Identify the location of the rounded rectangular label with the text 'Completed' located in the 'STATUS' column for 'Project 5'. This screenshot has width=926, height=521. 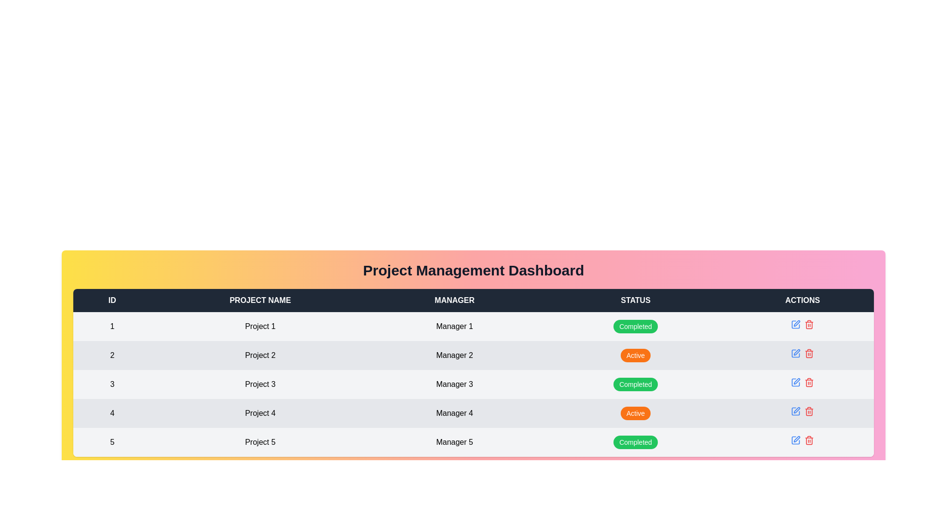
(636, 442).